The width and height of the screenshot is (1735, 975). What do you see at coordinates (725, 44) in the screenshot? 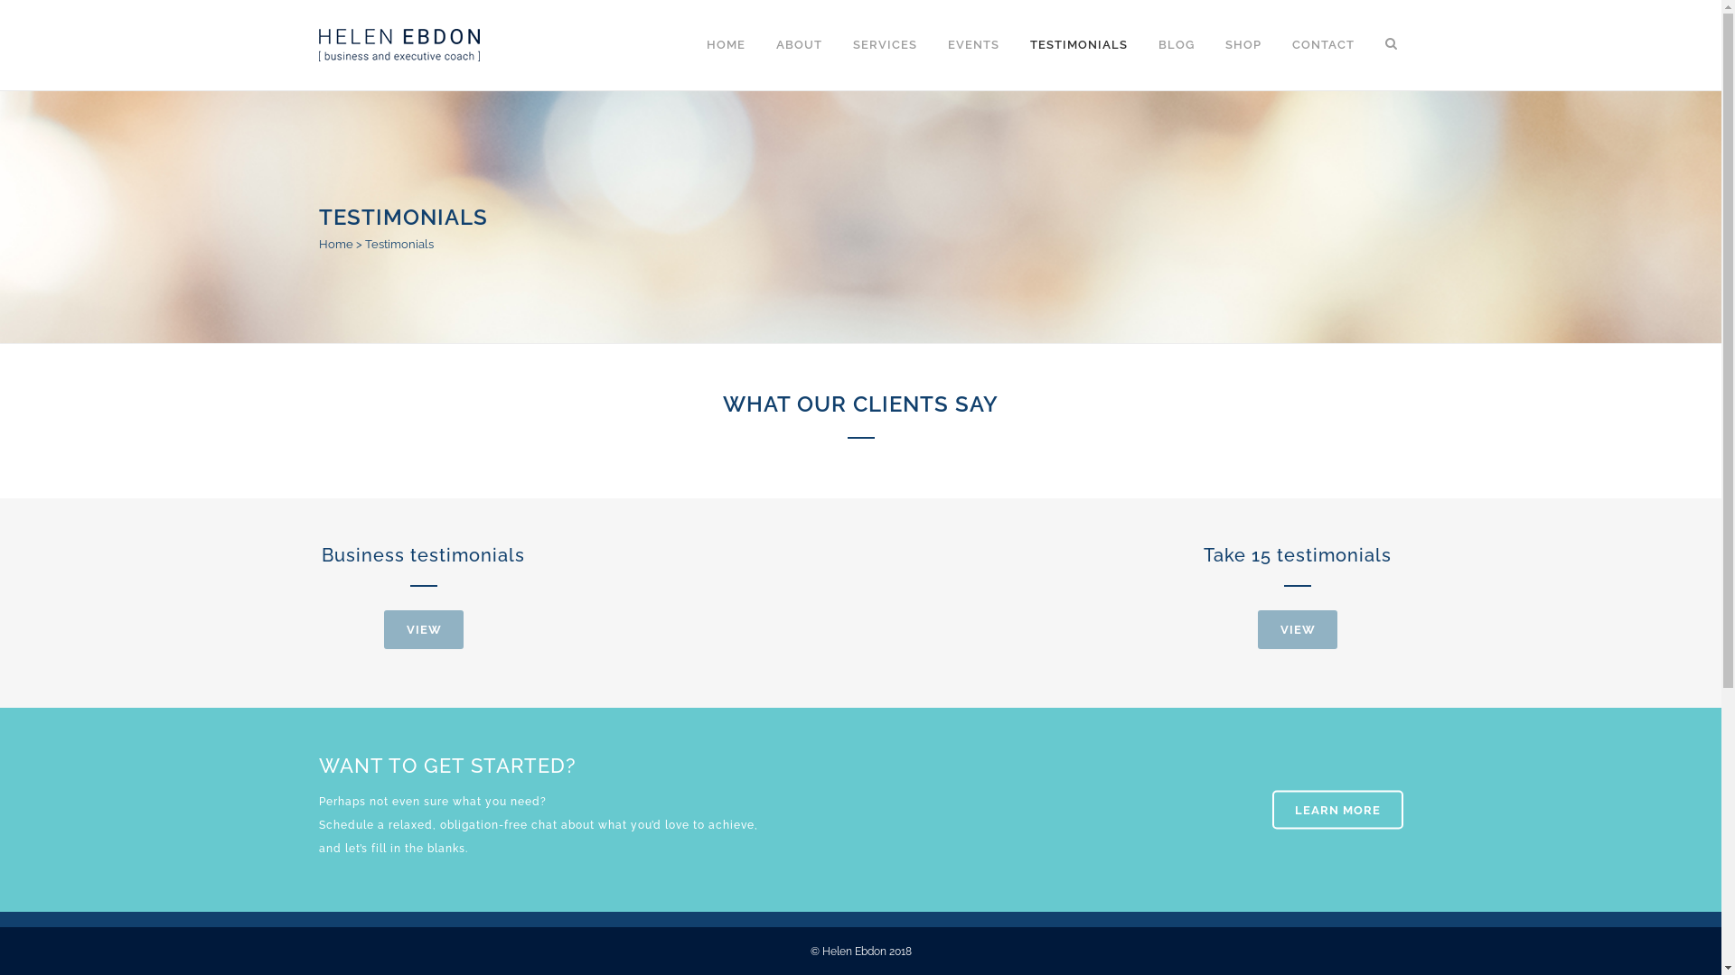
I see `'HOME'` at bounding box center [725, 44].